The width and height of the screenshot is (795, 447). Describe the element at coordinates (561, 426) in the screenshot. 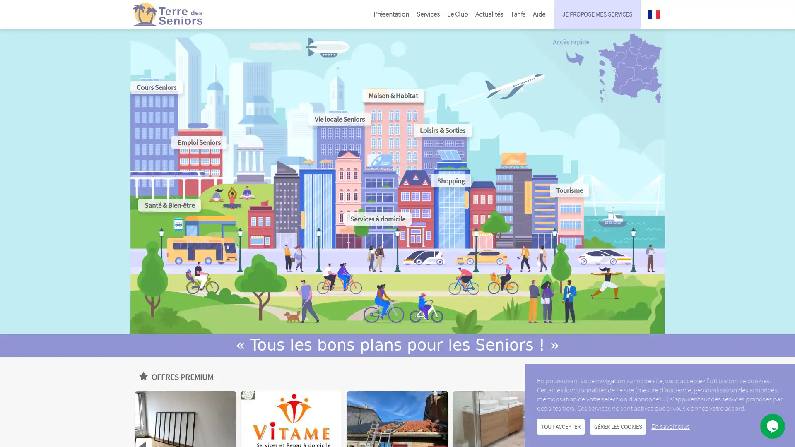

I see `TOUT ACCEPTER` at that location.